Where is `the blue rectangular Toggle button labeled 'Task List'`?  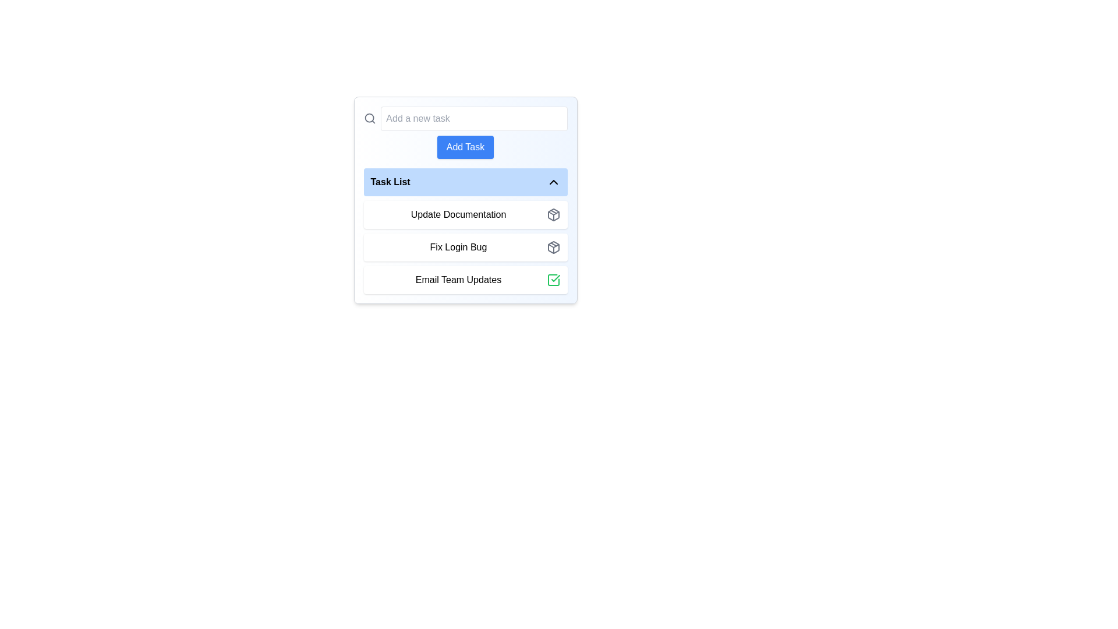
the blue rectangular Toggle button labeled 'Task List' is located at coordinates (465, 182).